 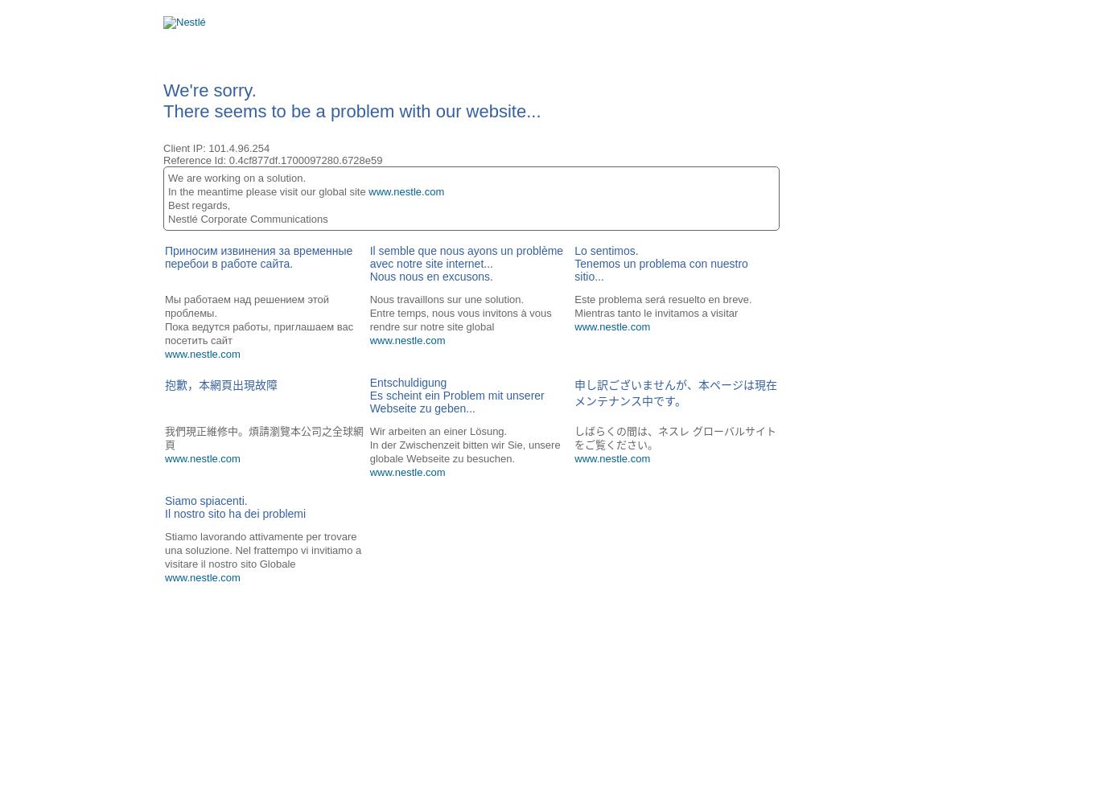 I want to click on 'Nestlé Corporate Communications', so click(x=167, y=219).